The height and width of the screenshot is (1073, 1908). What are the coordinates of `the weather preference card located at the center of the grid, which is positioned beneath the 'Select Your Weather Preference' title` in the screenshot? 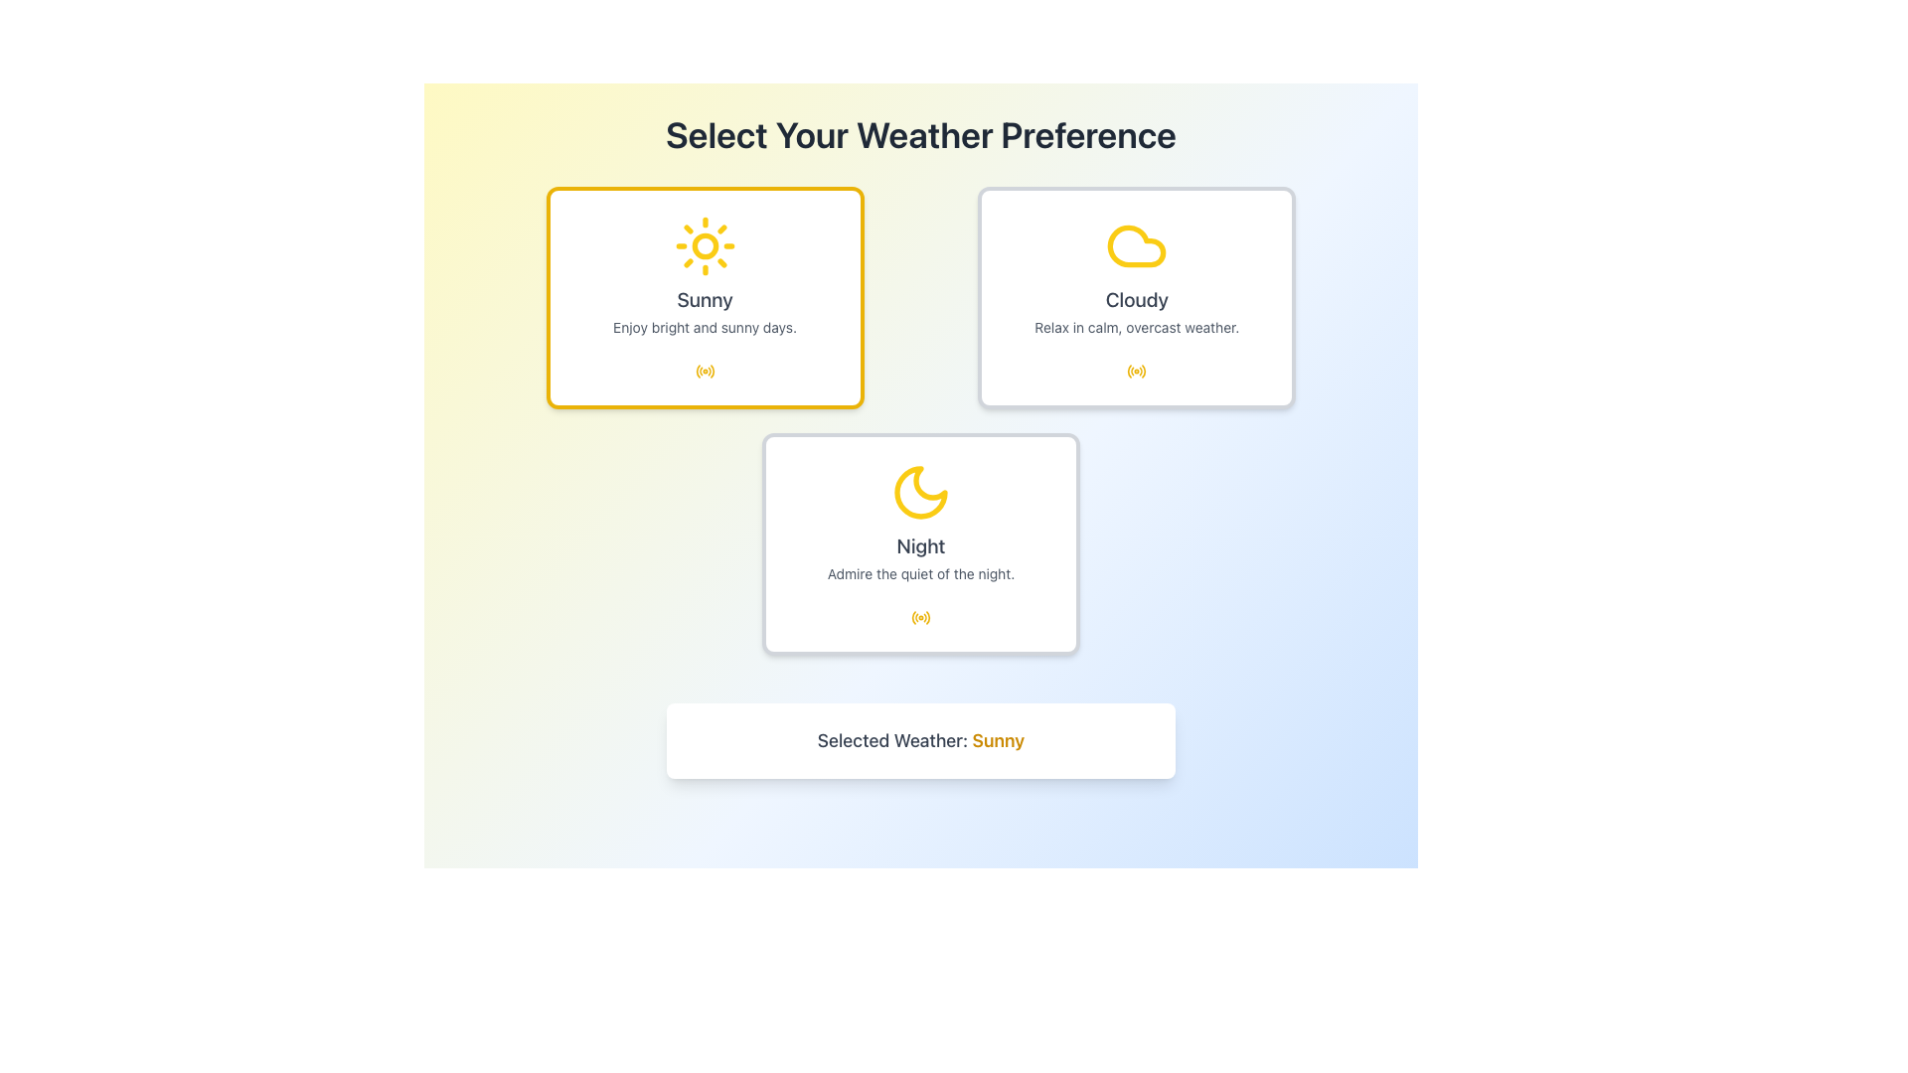 It's located at (919, 420).